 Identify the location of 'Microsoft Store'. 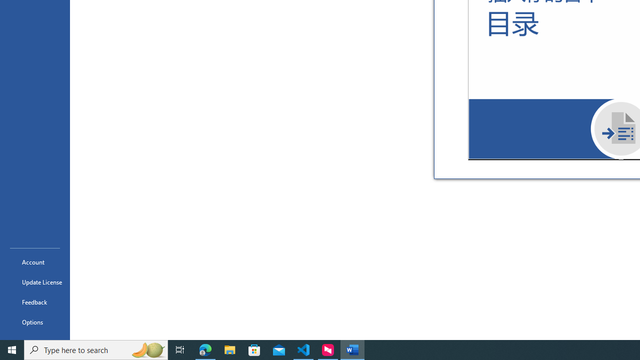
(254, 349).